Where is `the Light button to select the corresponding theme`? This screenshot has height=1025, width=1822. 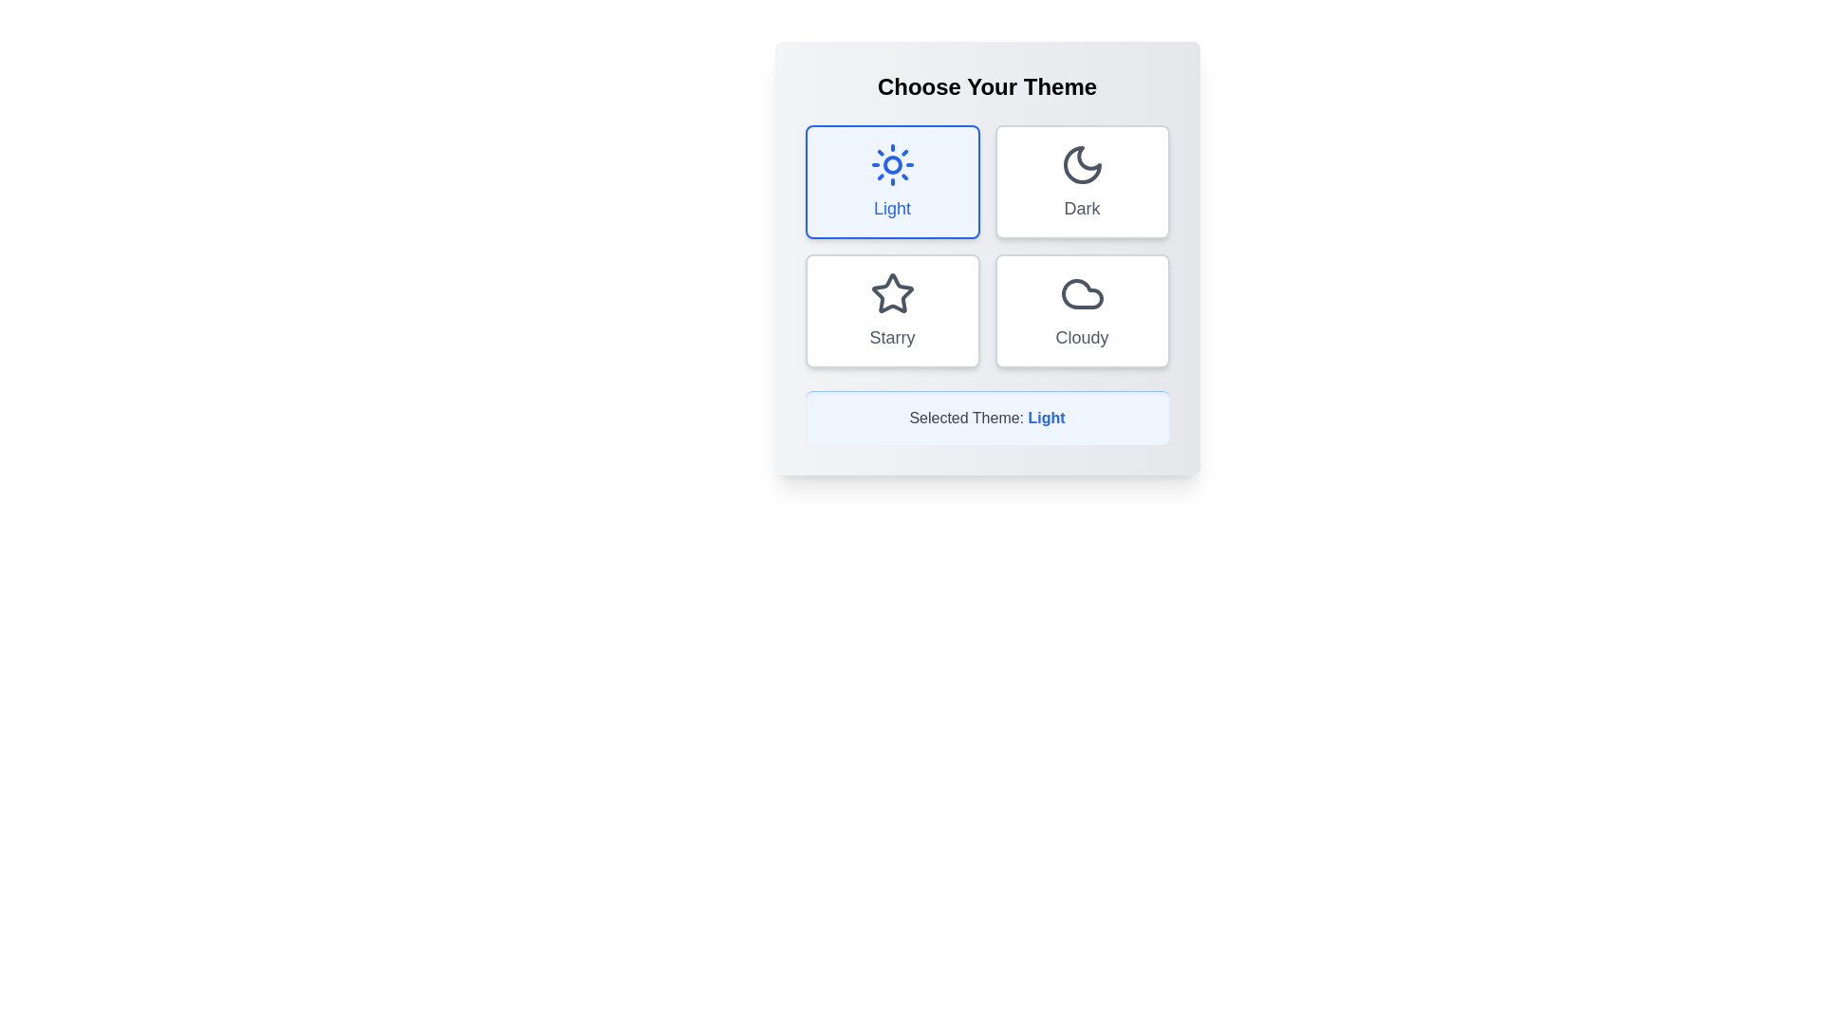 the Light button to select the corresponding theme is located at coordinates (891, 182).